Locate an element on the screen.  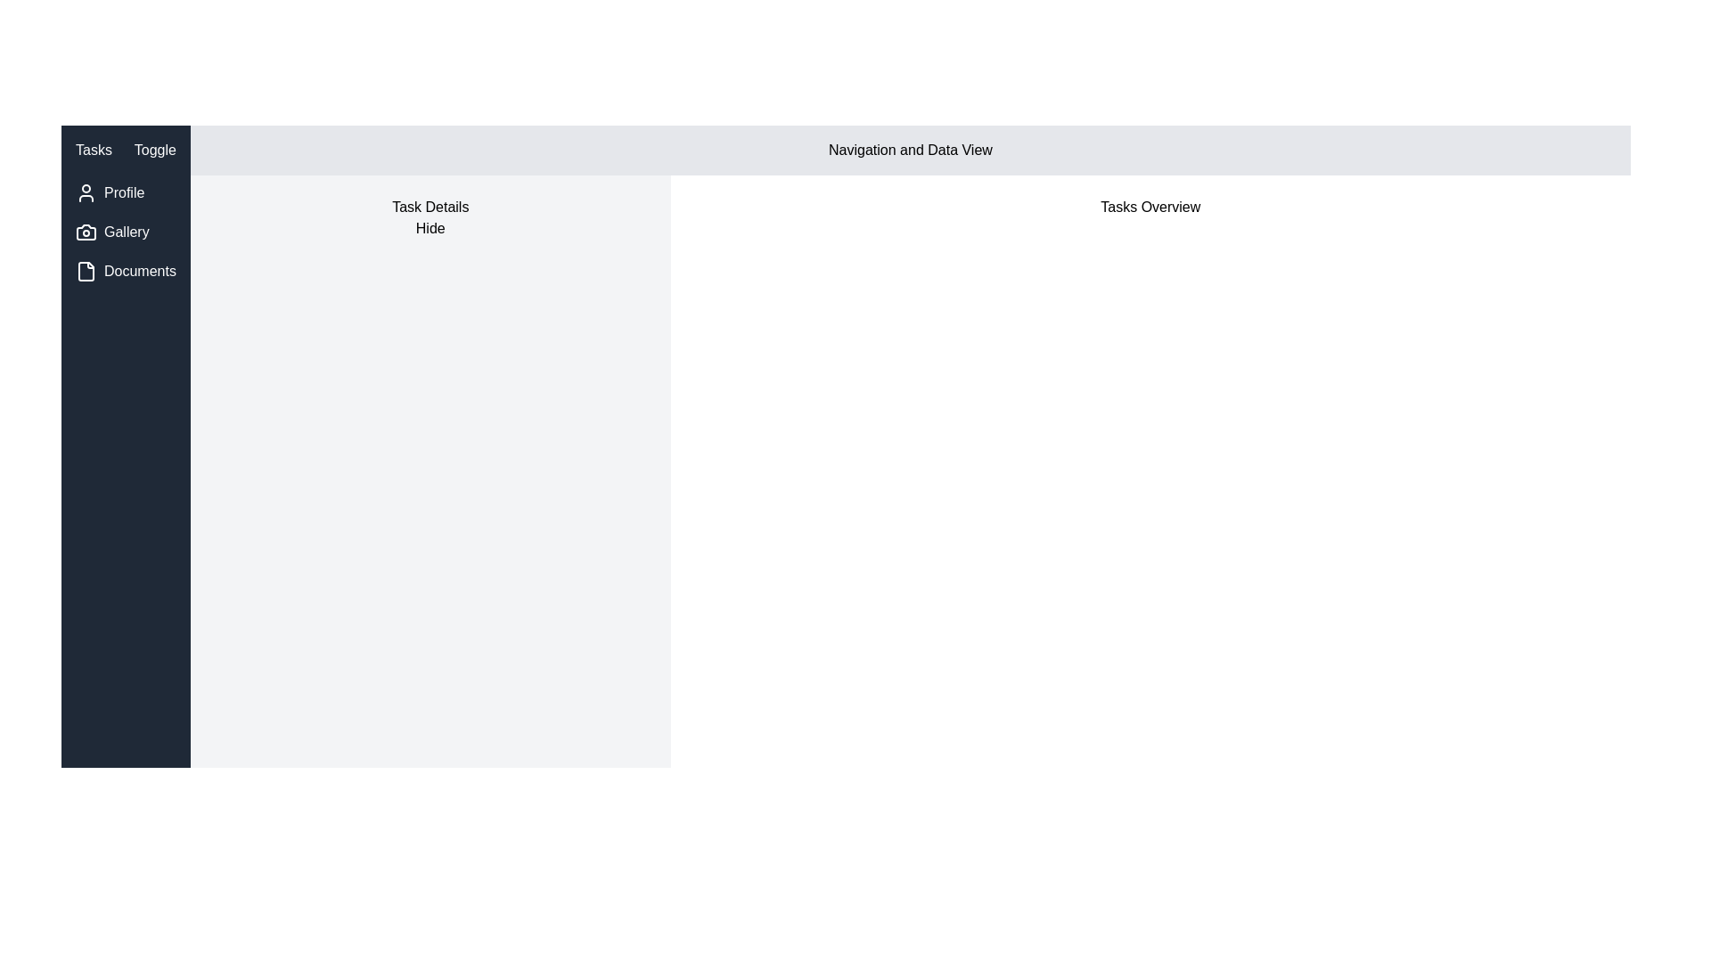
the 'Tasks' text label, which is displayed in white font on a dark background and located in the upper-left section of the user interface, next to the 'Toggle' label is located at coordinates (93, 150).